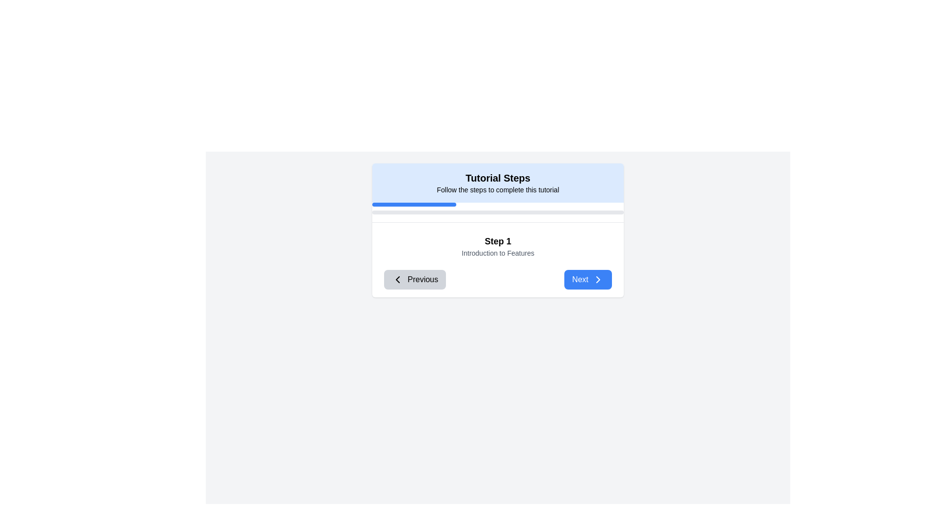  I want to click on the 'Next' button which contains the rightward chevron icon, located at the bottom-right side of the tutorial steps interface, so click(598, 280).